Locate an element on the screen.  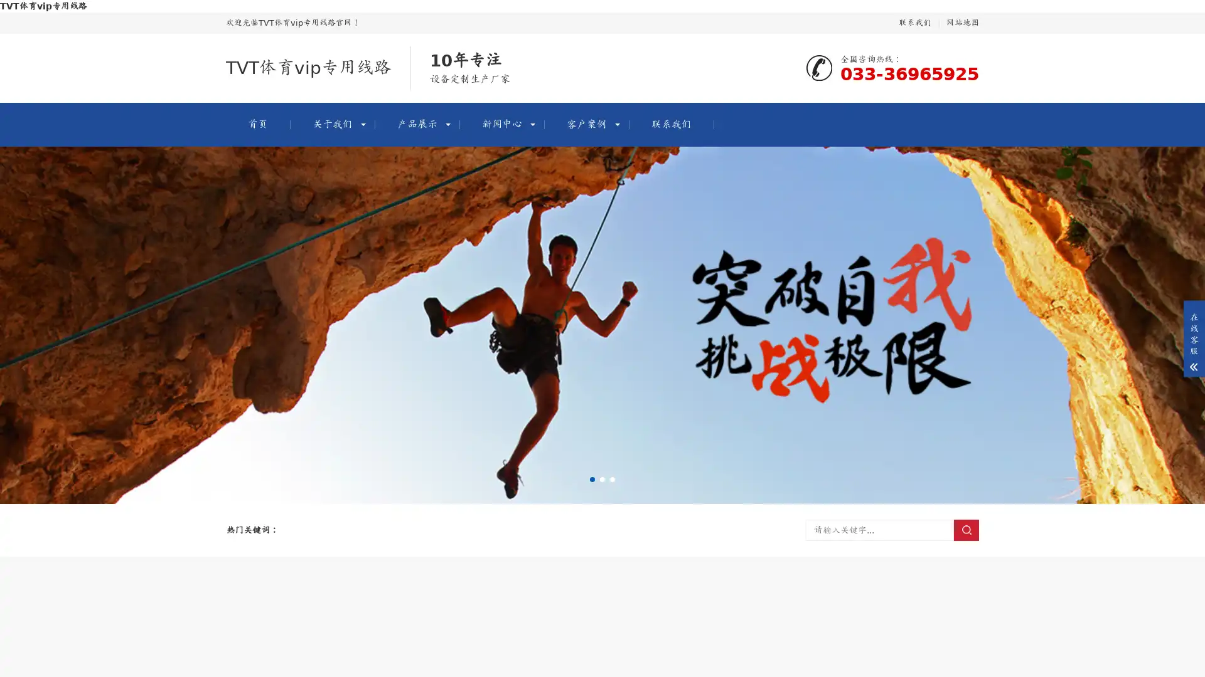
Go to slide 1 is located at coordinates (592, 479).